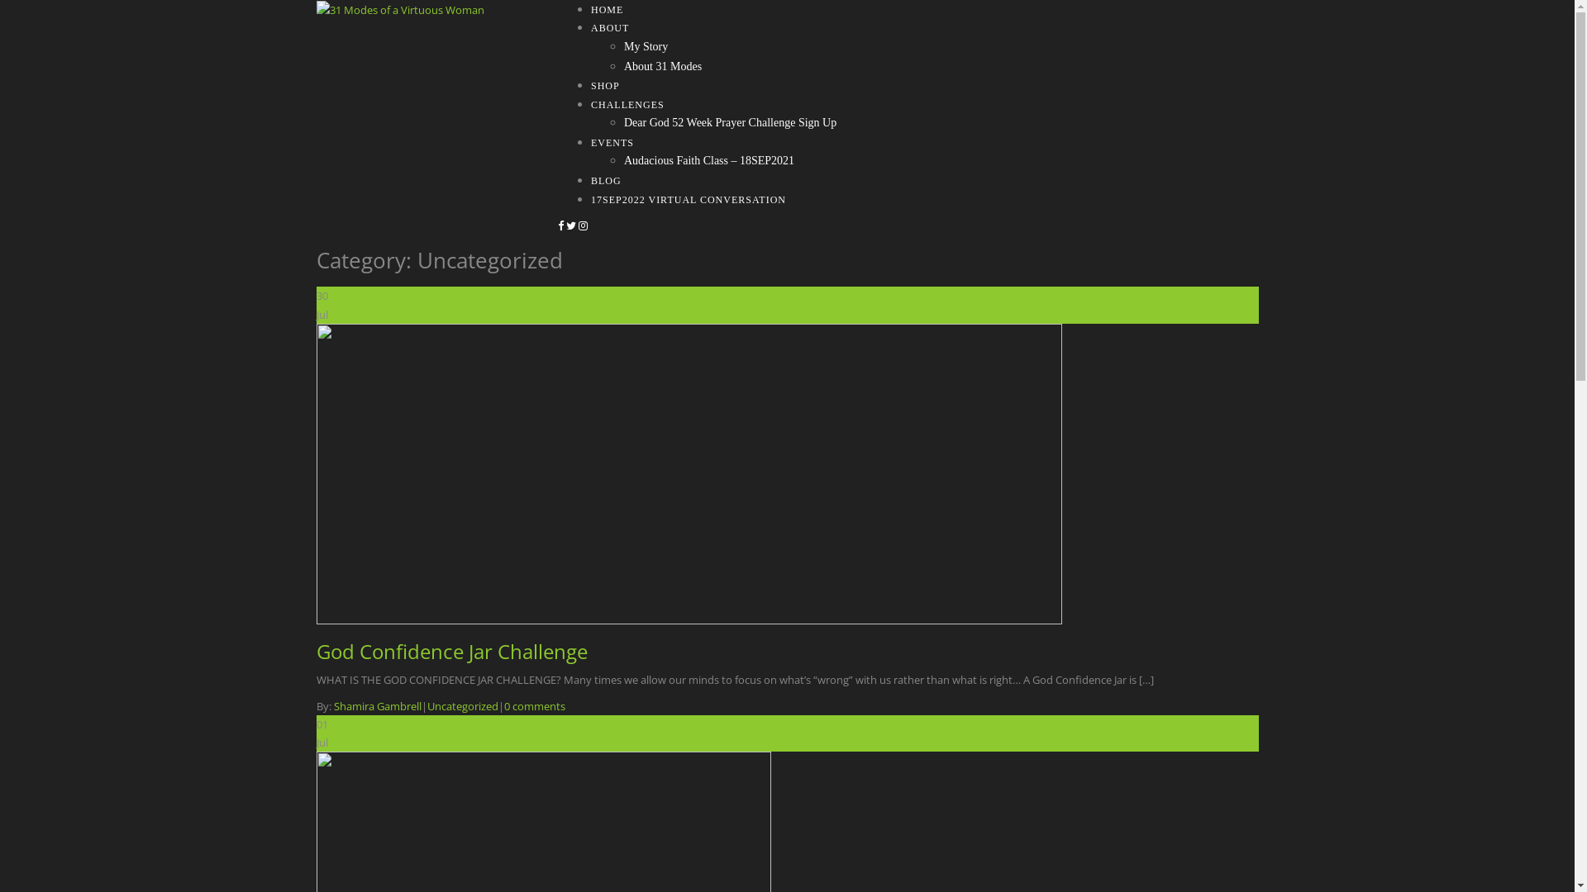  I want to click on 'EVENTS', so click(611, 142).